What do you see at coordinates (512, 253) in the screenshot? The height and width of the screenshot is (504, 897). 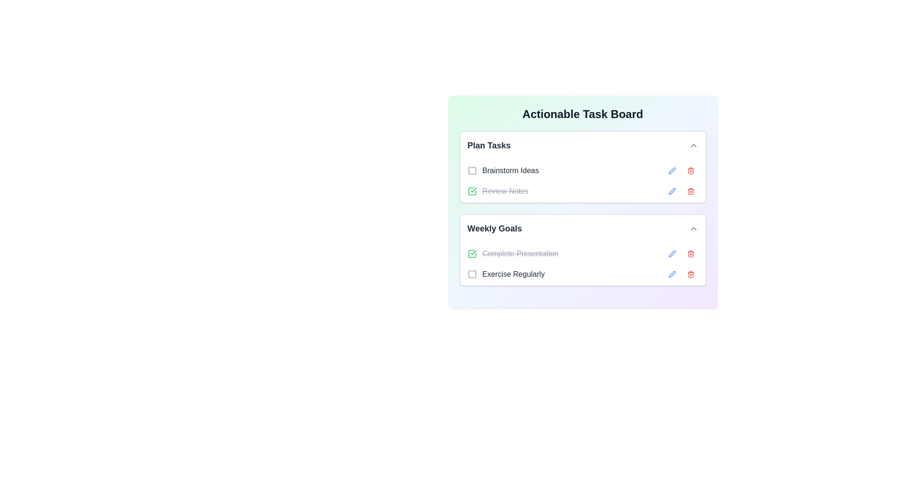 I see `the 'Complete Presentation' label, which is styled with a line-through format and gray color, indicating that the associated task is completed. This label is located under the 'Weekly Goals' section of the 'Actionable Task Board', aligned with a green checkbox icon to its left` at bounding box center [512, 253].